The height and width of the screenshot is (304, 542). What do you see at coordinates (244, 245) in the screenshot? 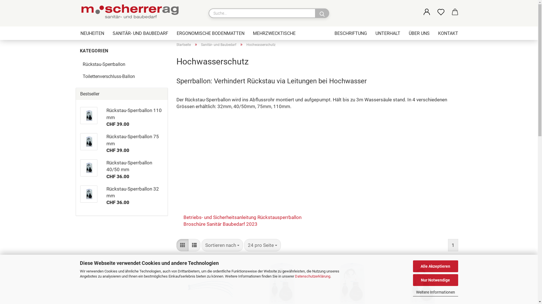
I see `'24 pro Seite'` at bounding box center [244, 245].